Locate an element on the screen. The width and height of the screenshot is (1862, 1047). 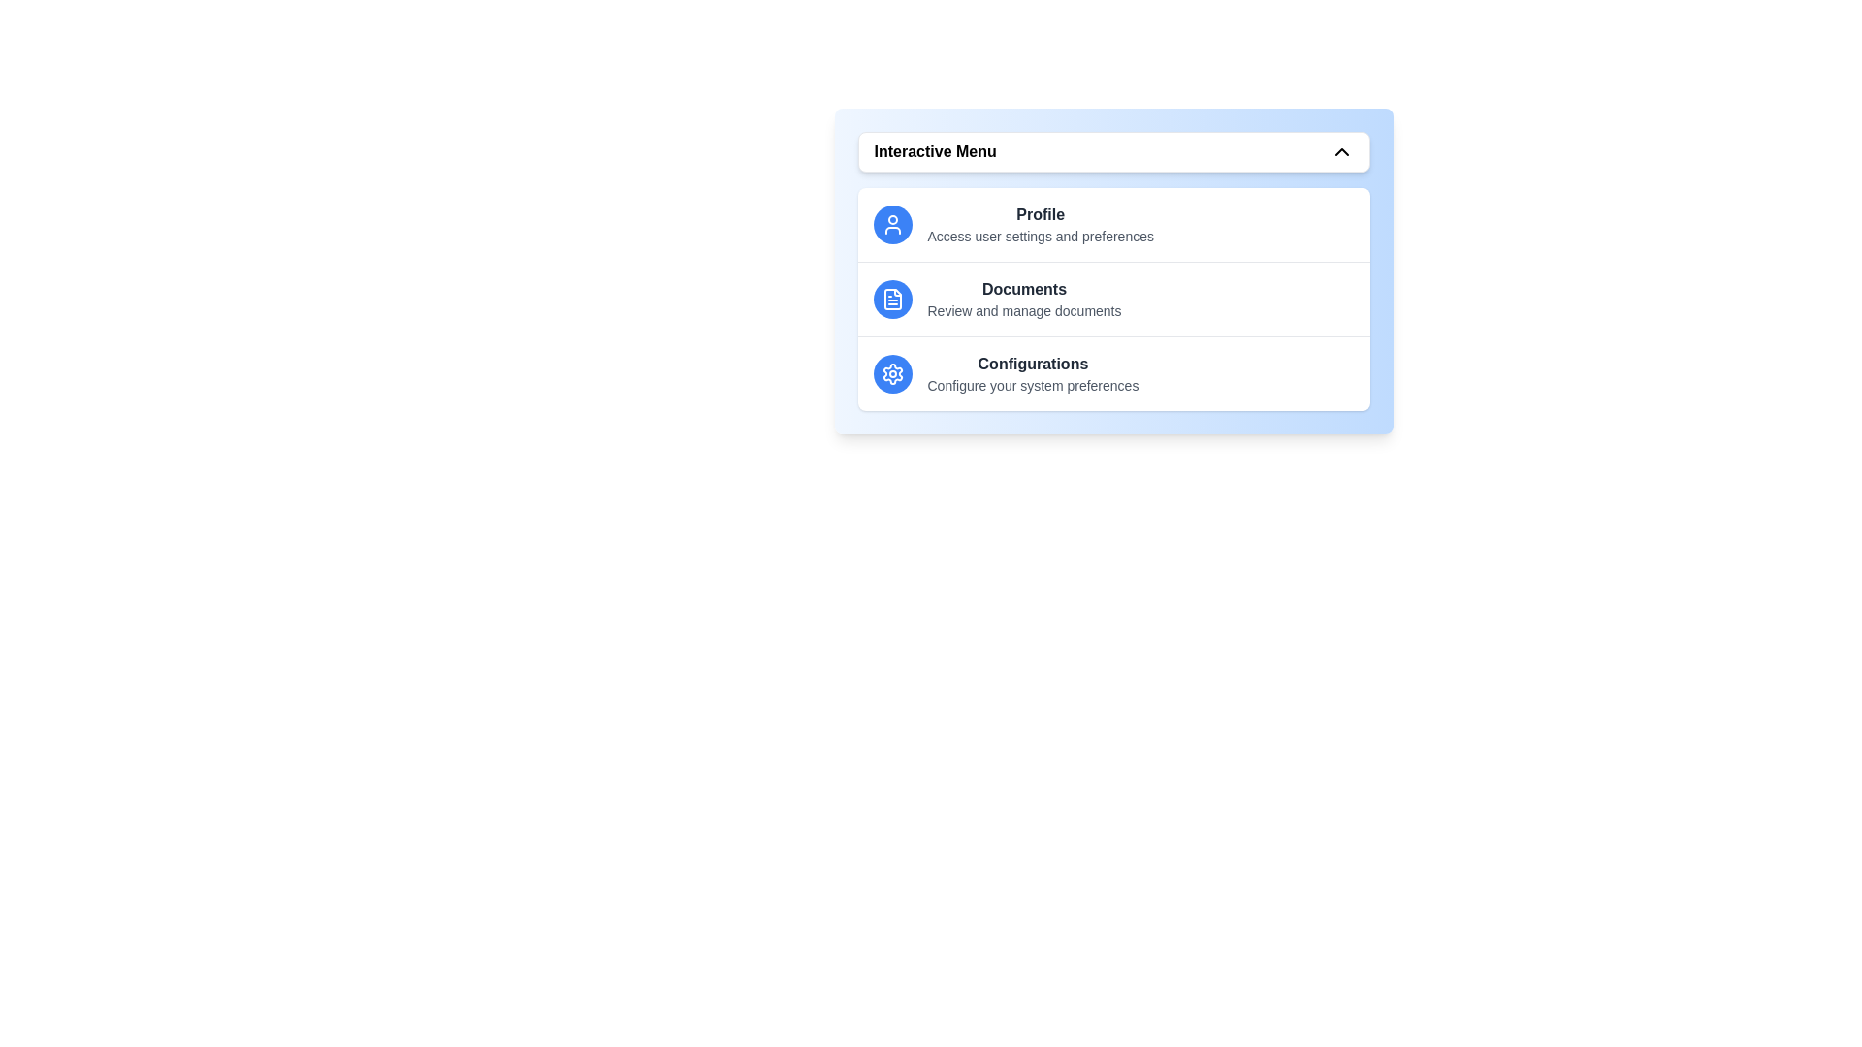
the menu item titled 'Documents' to trigger its associated action is located at coordinates (1023, 290).